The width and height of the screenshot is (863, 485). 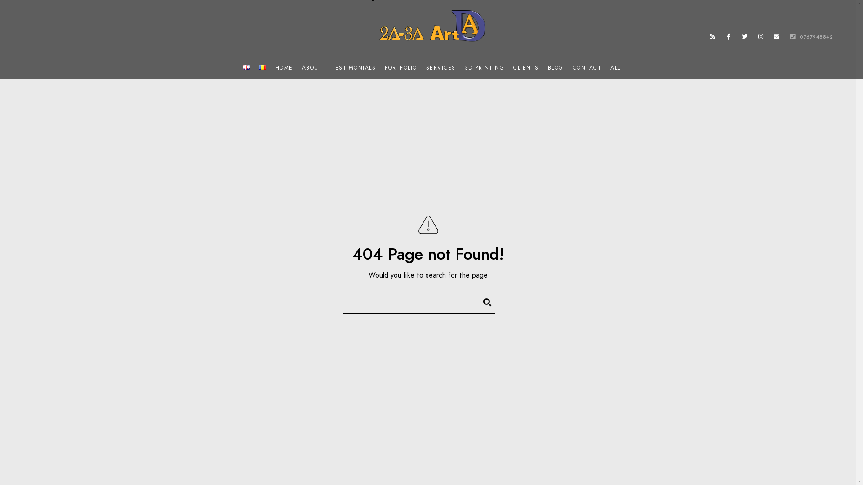 I want to click on '3D PRINTING', so click(x=484, y=67).